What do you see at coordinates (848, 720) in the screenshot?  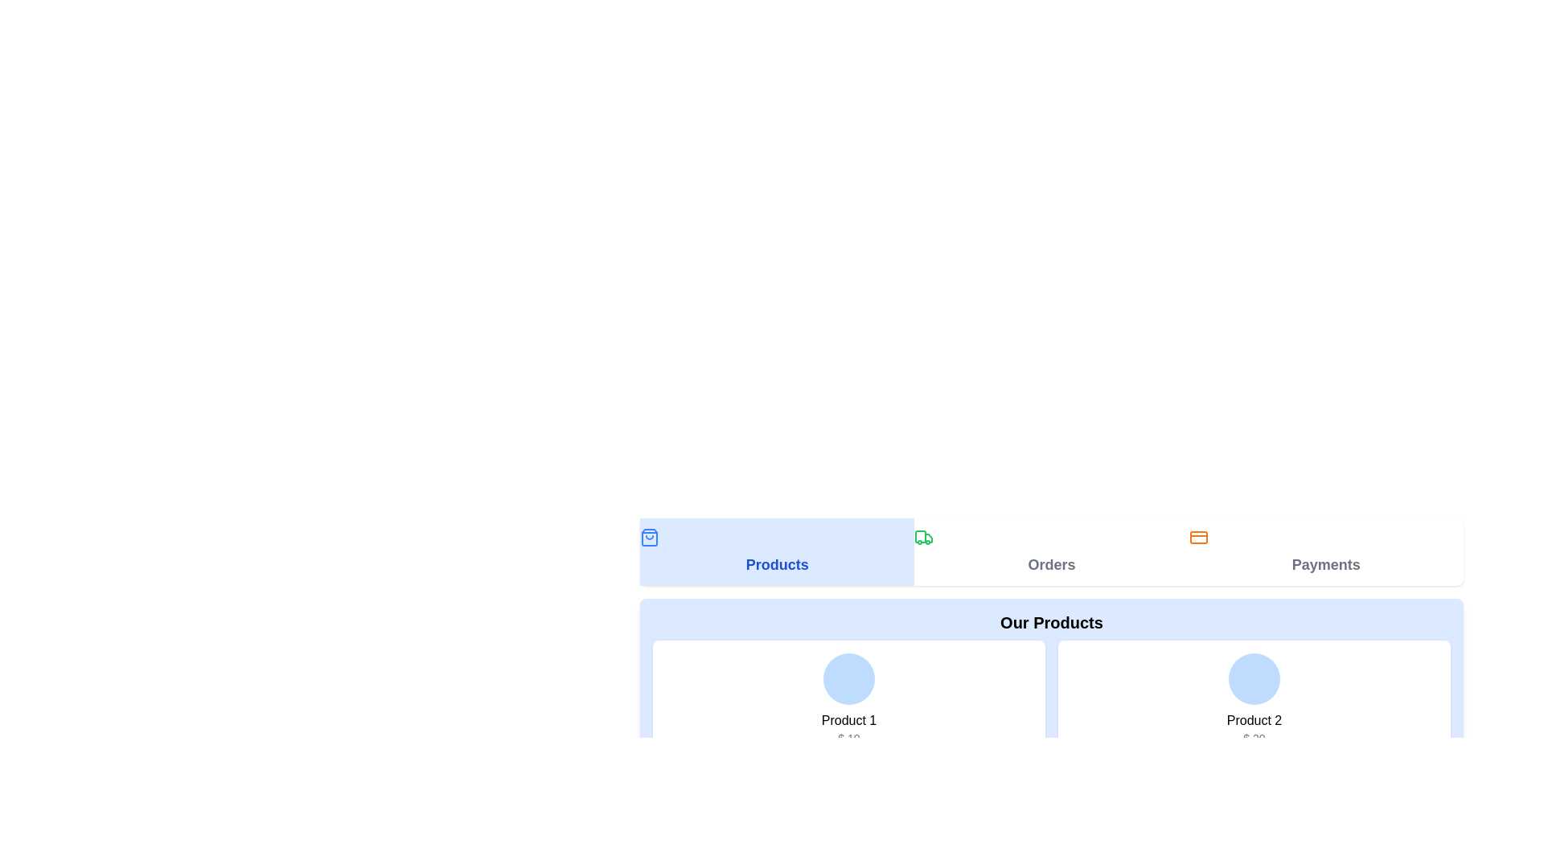 I see `text displayed in the 'Product 1' label located under the 'Our Products' title, positioned between a blue circular image and a price label ('$ 10')` at bounding box center [848, 720].